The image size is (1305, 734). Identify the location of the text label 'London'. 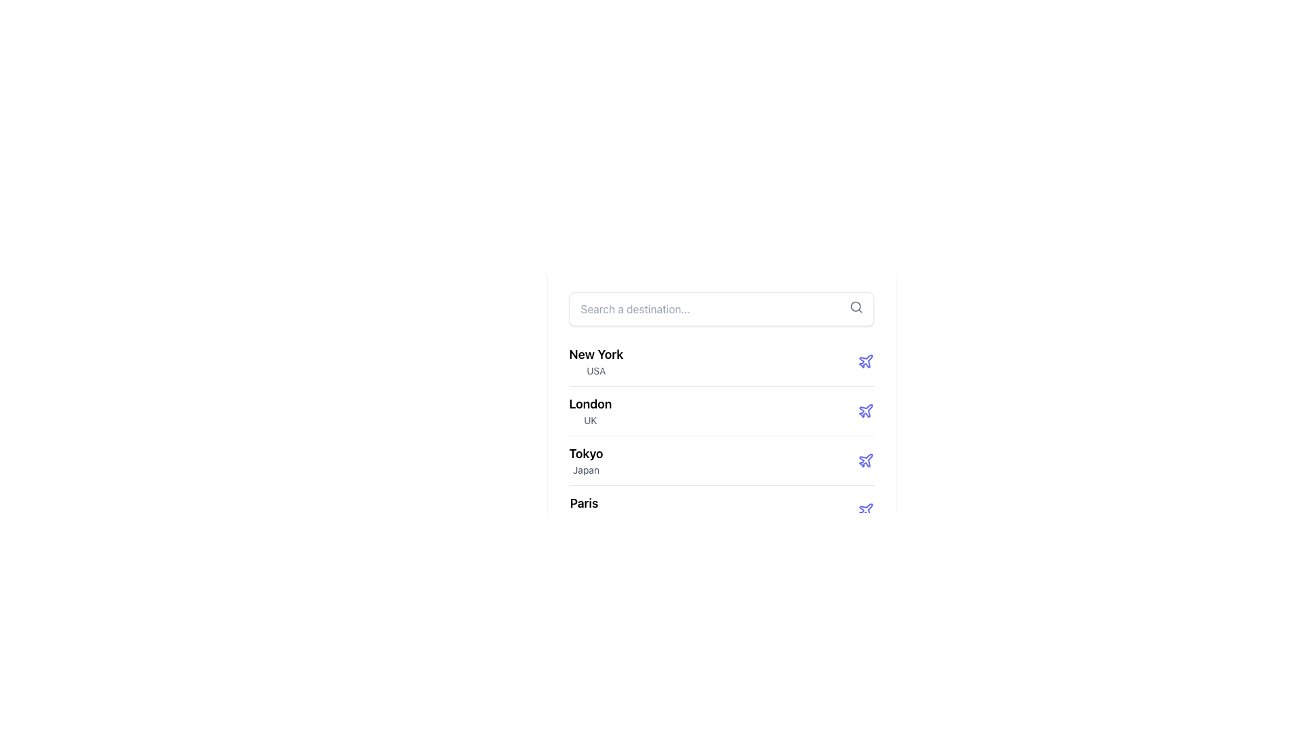
(590, 403).